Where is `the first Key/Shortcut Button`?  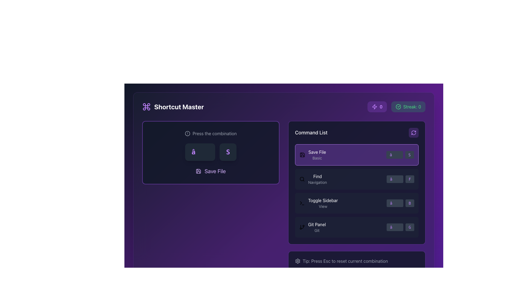
the first Key/Shortcut Button is located at coordinates (395, 227).